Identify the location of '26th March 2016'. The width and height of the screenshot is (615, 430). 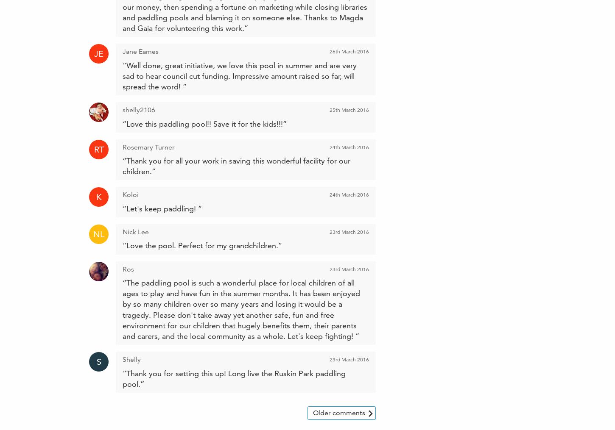
(349, 51).